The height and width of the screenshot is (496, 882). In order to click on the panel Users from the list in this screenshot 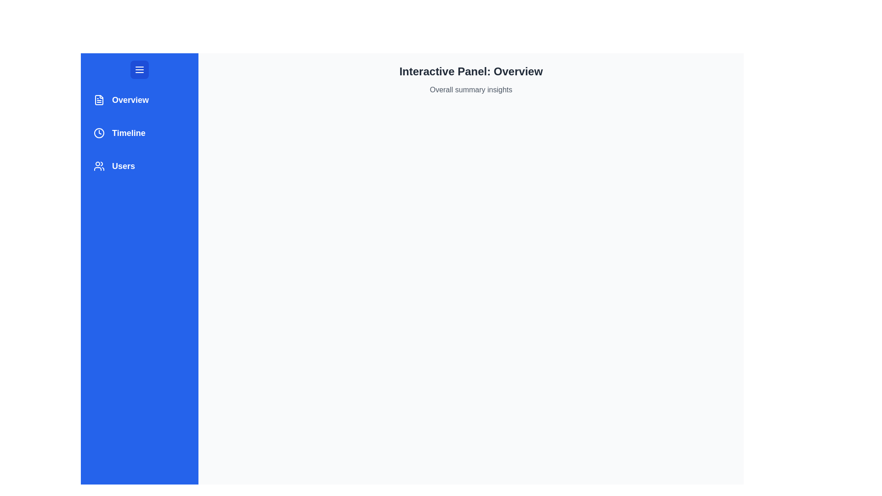, I will do `click(139, 166)`.